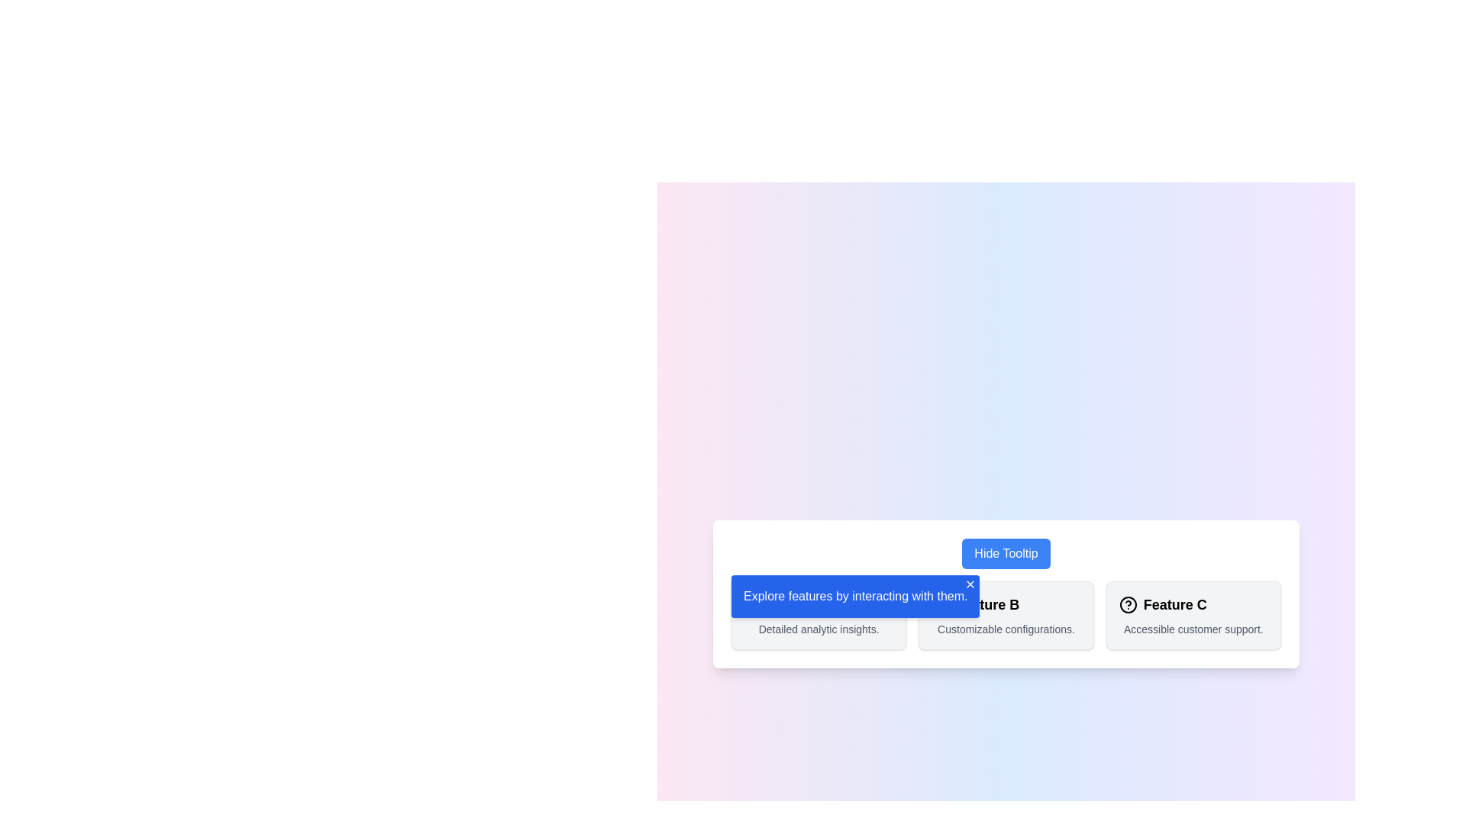 The image size is (1466, 824). I want to click on the text label containing the content 'Customizable configurations.' which is styled in a small gray font and located below the title 'Feature B' in the second card of three feature descriptions, so click(1006, 629).